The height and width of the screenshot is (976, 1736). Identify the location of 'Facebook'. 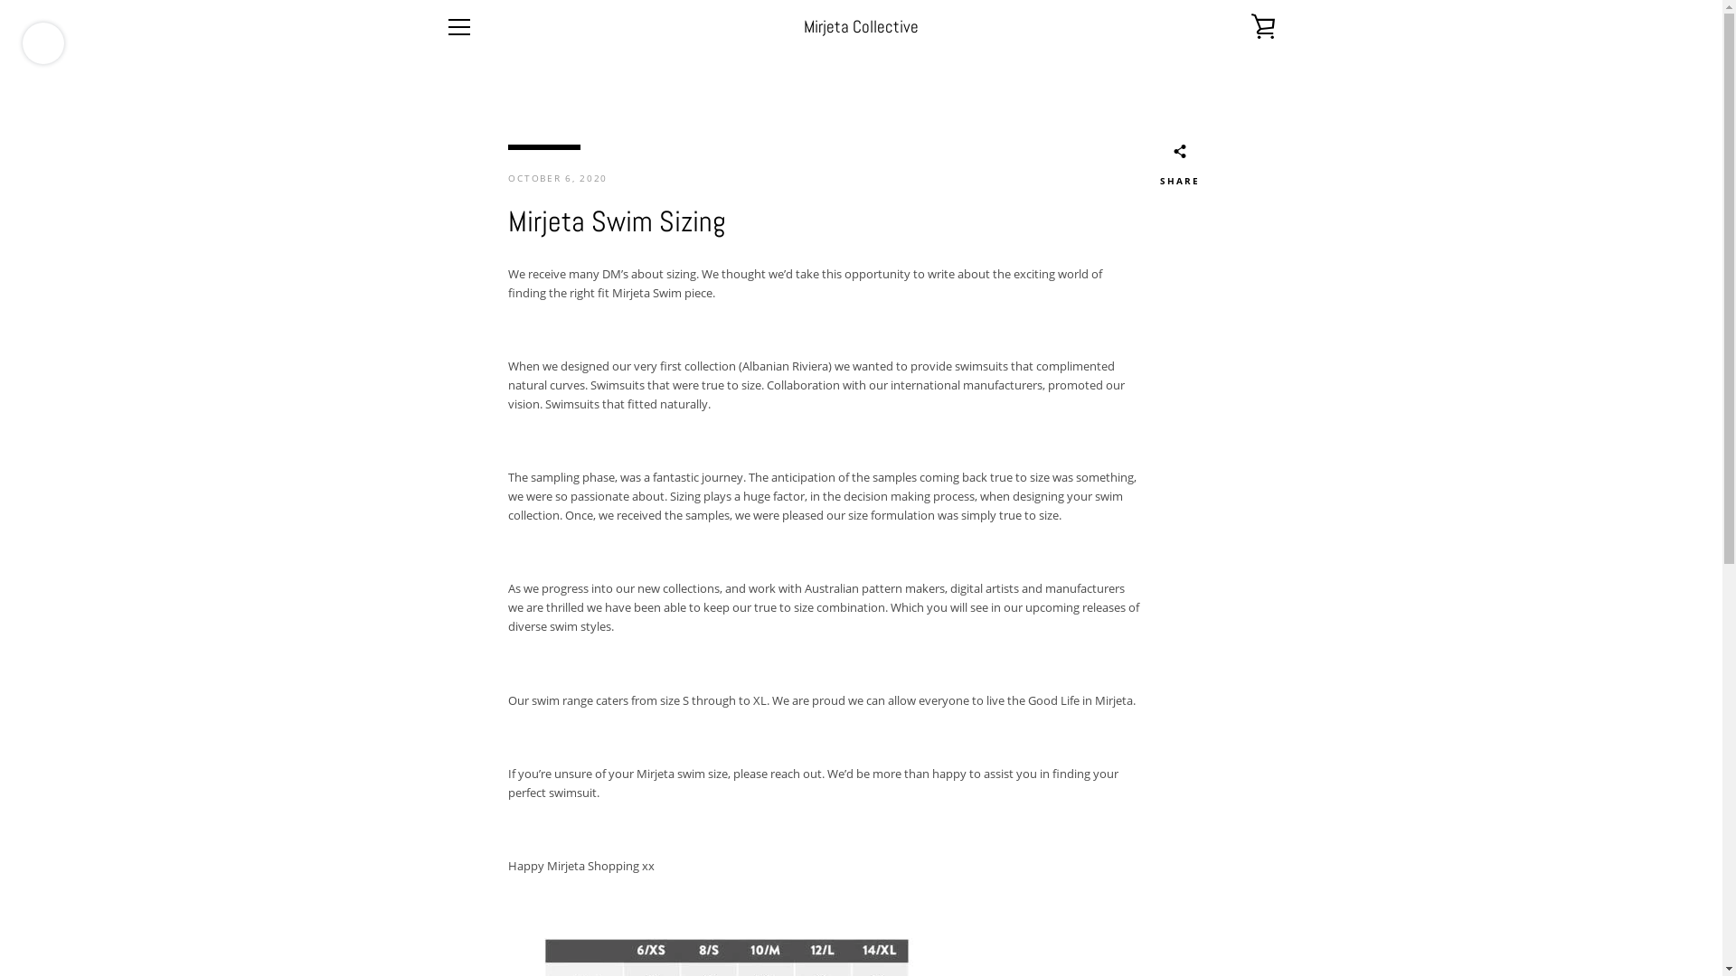
(444, 912).